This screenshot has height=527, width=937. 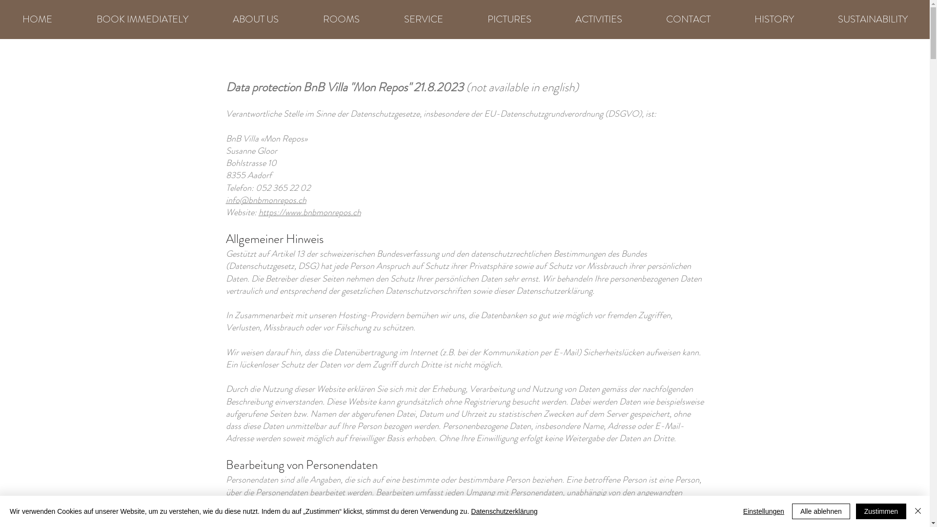 What do you see at coordinates (733, 19) in the screenshot?
I see `'HISTORY'` at bounding box center [733, 19].